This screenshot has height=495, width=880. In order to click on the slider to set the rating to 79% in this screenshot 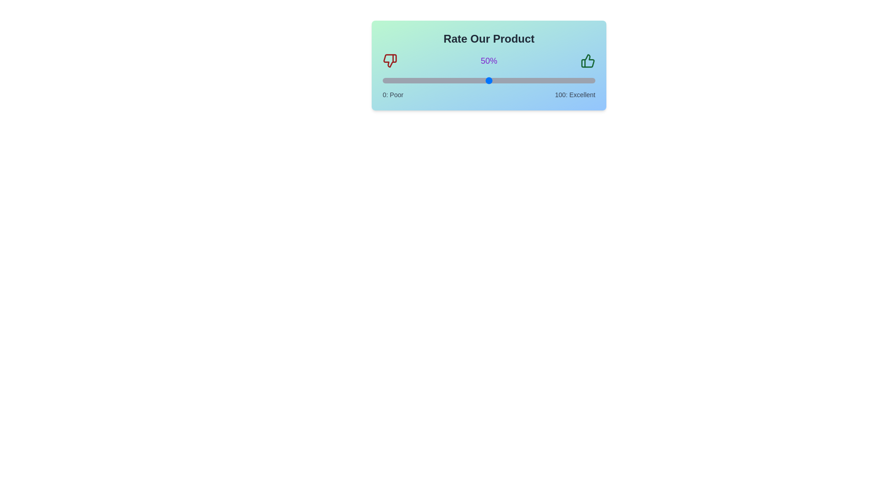, I will do `click(550, 80)`.